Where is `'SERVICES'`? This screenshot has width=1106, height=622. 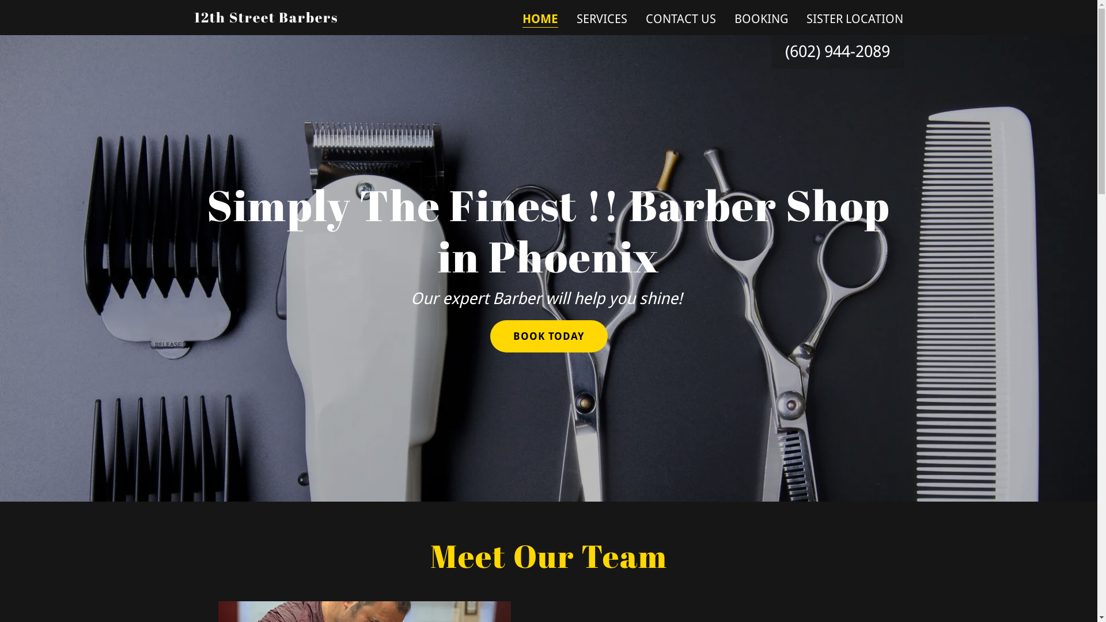 'SERVICES' is located at coordinates (601, 19).